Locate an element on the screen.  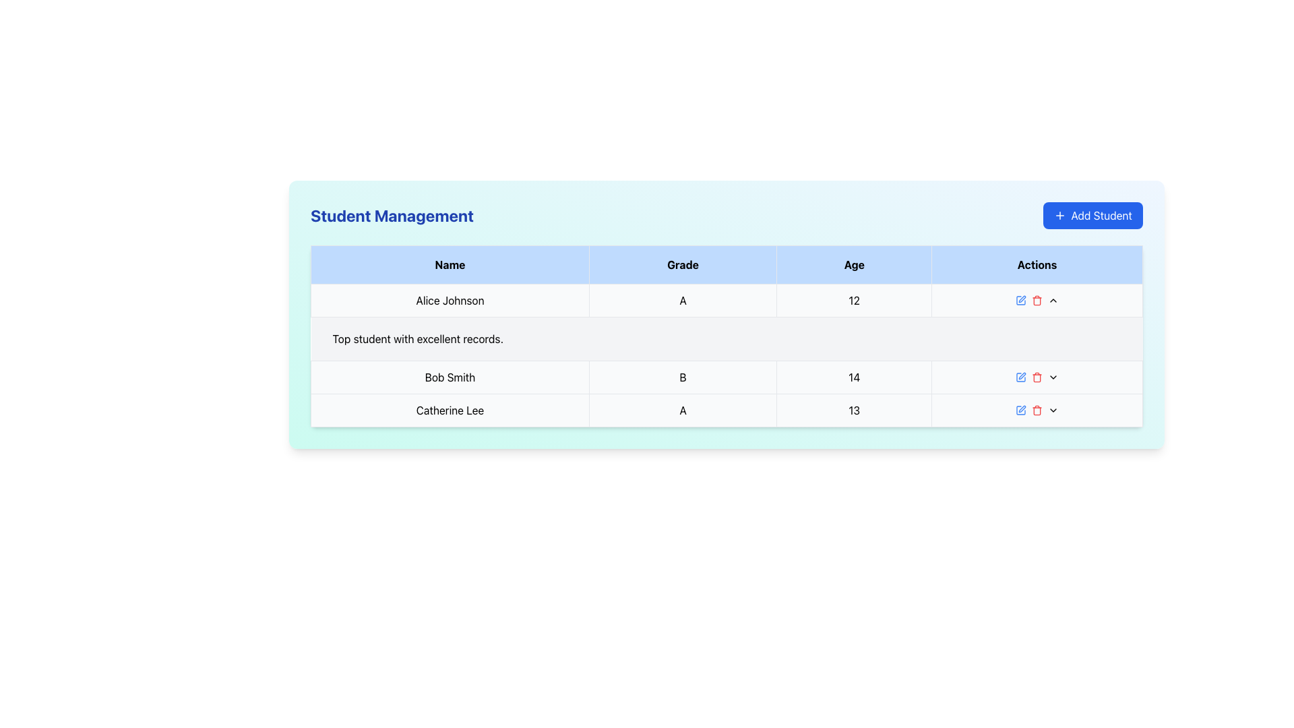
the 'Actions' column header in the table, which is the fourth header located to the right of the 'Age' header is located at coordinates (1037, 265).